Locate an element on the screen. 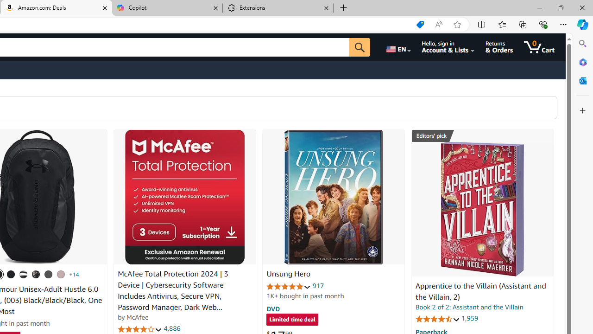 This screenshot has width=593, height=334. 'Unsung Hero' is located at coordinates (334, 197).